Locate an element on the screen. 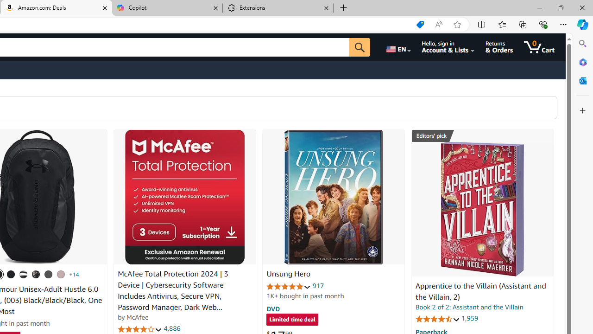 This screenshot has width=593, height=334. 'Unsung Hero' is located at coordinates (334, 197).